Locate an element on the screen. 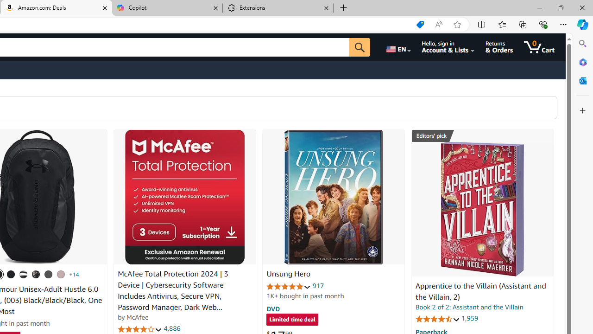 This screenshot has width=593, height=334. 'Unsung Hero' is located at coordinates (334, 197).